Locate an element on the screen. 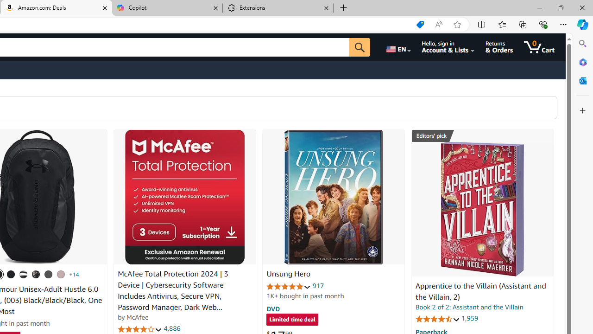 This screenshot has width=593, height=334. 'Unsung Hero' is located at coordinates (334, 197).